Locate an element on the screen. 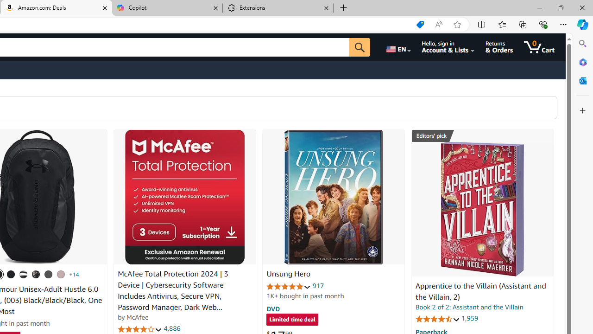 This screenshot has width=593, height=334. 'Unsung Hero' is located at coordinates (334, 197).